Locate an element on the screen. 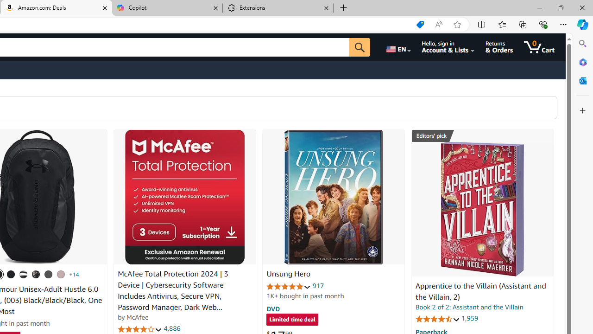 This screenshot has width=593, height=334. 'Unsung Hero' is located at coordinates (334, 197).